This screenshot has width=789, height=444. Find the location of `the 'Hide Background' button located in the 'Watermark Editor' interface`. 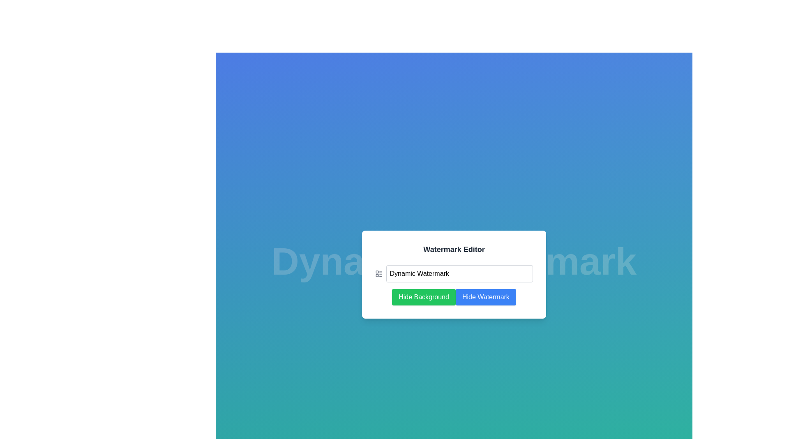

the 'Hide Background' button located in the 'Watermark Editor' interface is located at coordinates (424, 297).